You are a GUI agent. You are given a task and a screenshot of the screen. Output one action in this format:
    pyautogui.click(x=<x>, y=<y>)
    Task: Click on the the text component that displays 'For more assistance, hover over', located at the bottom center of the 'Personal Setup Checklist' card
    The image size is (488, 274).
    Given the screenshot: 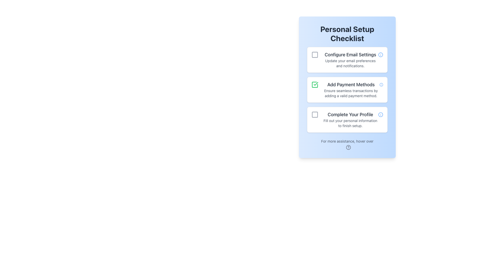 What is the action you would take?
    pyautogui.click(x=347, y=141)
    